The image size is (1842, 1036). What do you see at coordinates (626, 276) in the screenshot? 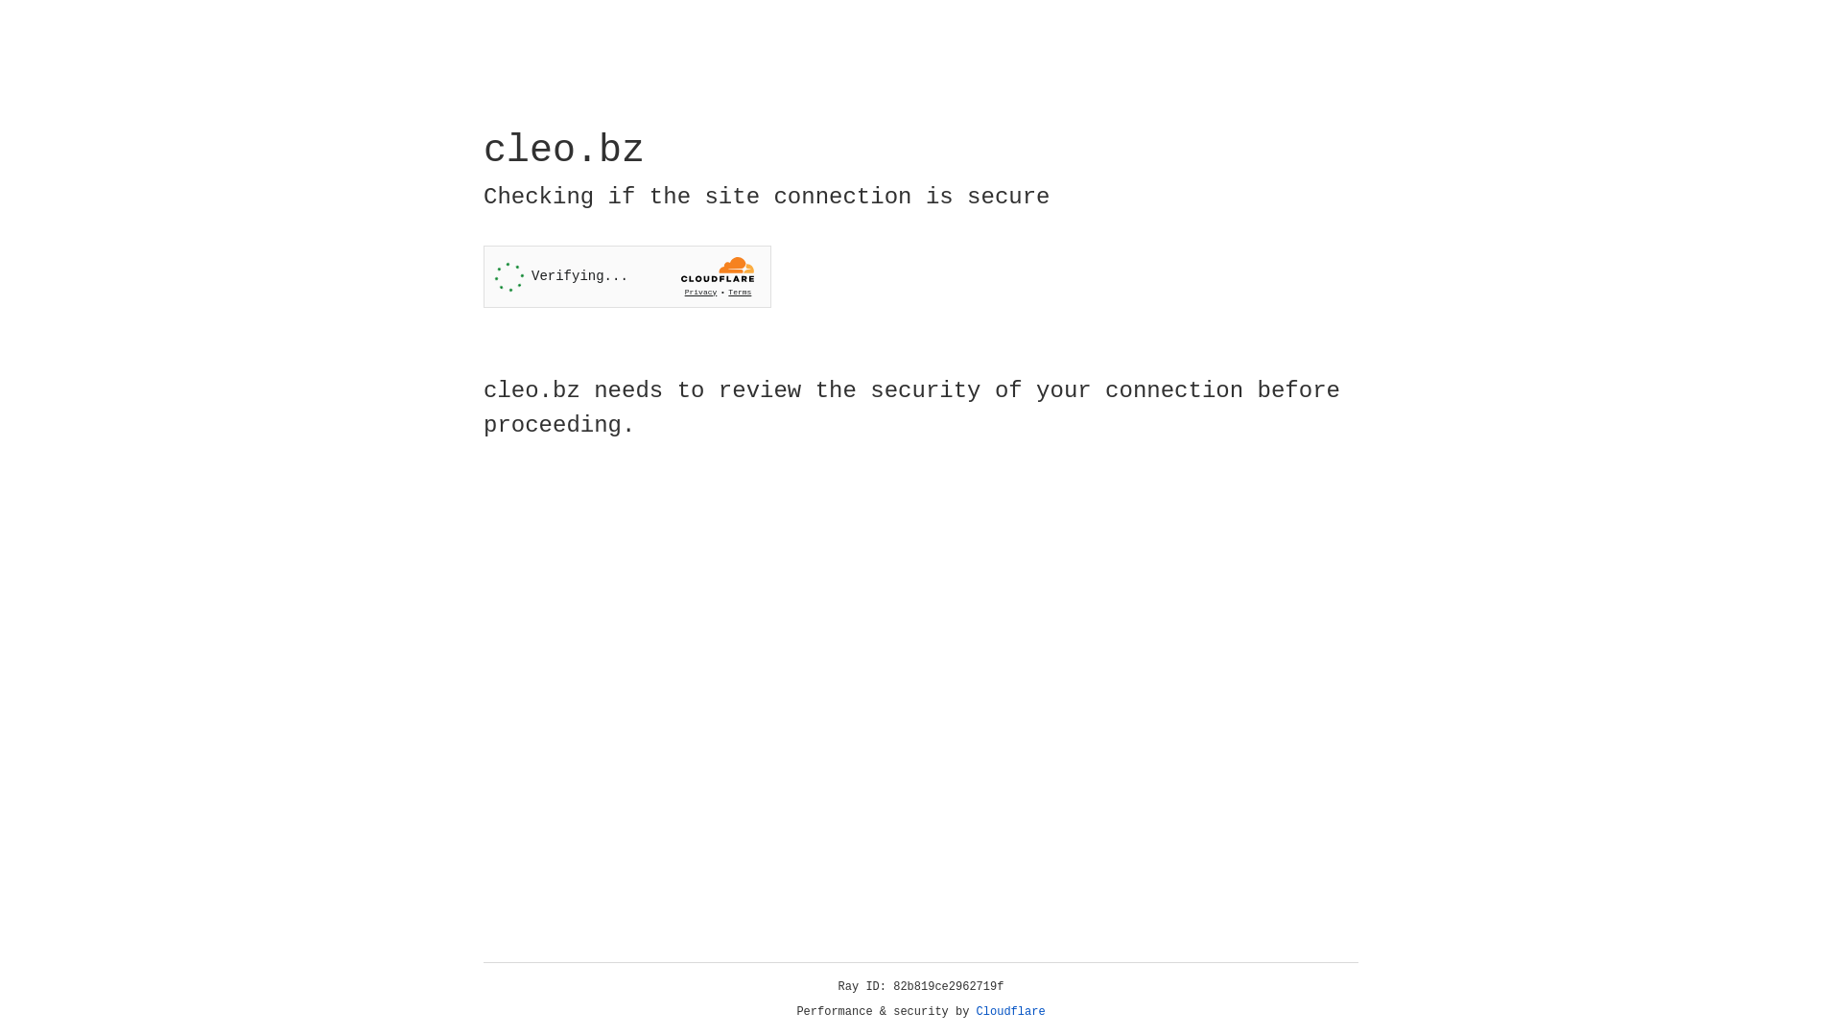
I see `'Widget containing a Cloudflare security challenge'` at bounding box center [626, 276].